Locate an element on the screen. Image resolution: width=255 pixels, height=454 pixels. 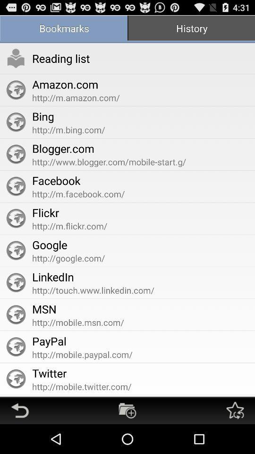
the item above http www blogger is located at coordinates (191, 29).